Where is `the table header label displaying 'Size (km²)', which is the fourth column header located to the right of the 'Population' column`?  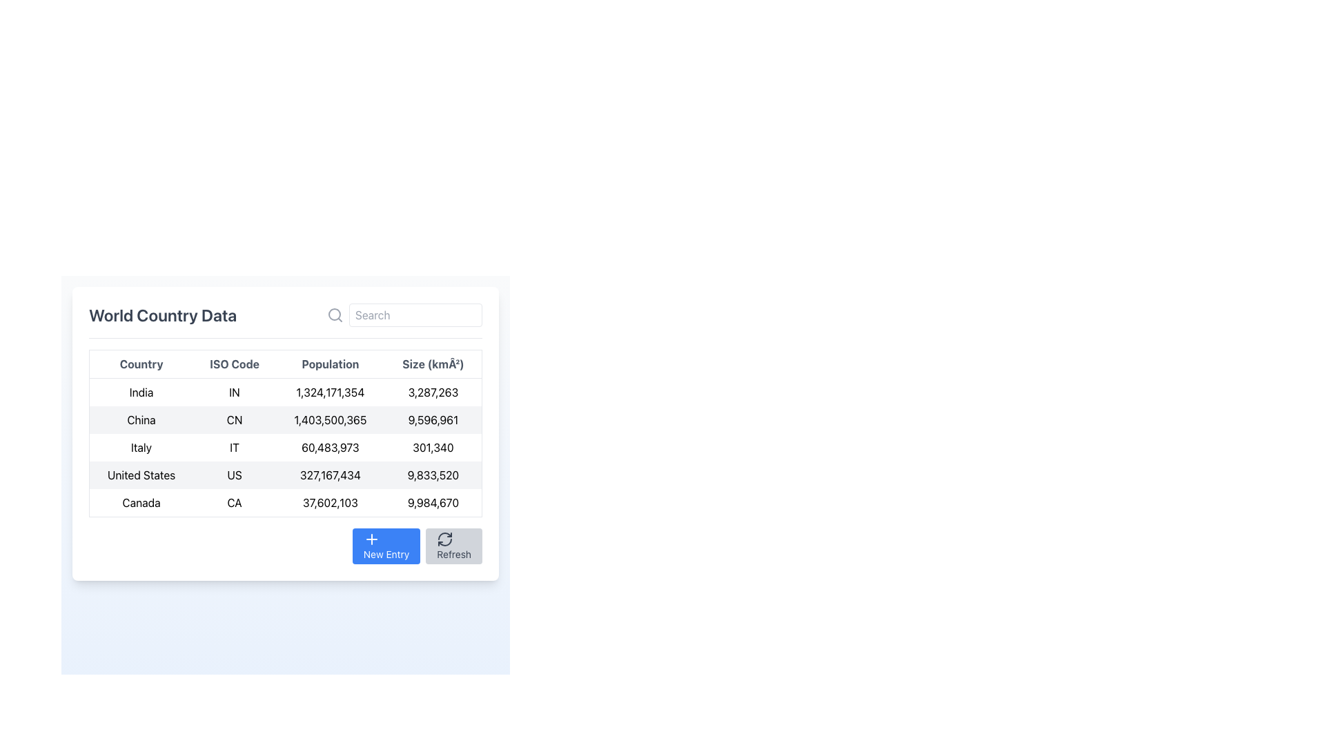 the table header label displaying 'Size (km²)', which is the fourth column header located to the right of the 'Population' column is located at coordinates (433, 364).